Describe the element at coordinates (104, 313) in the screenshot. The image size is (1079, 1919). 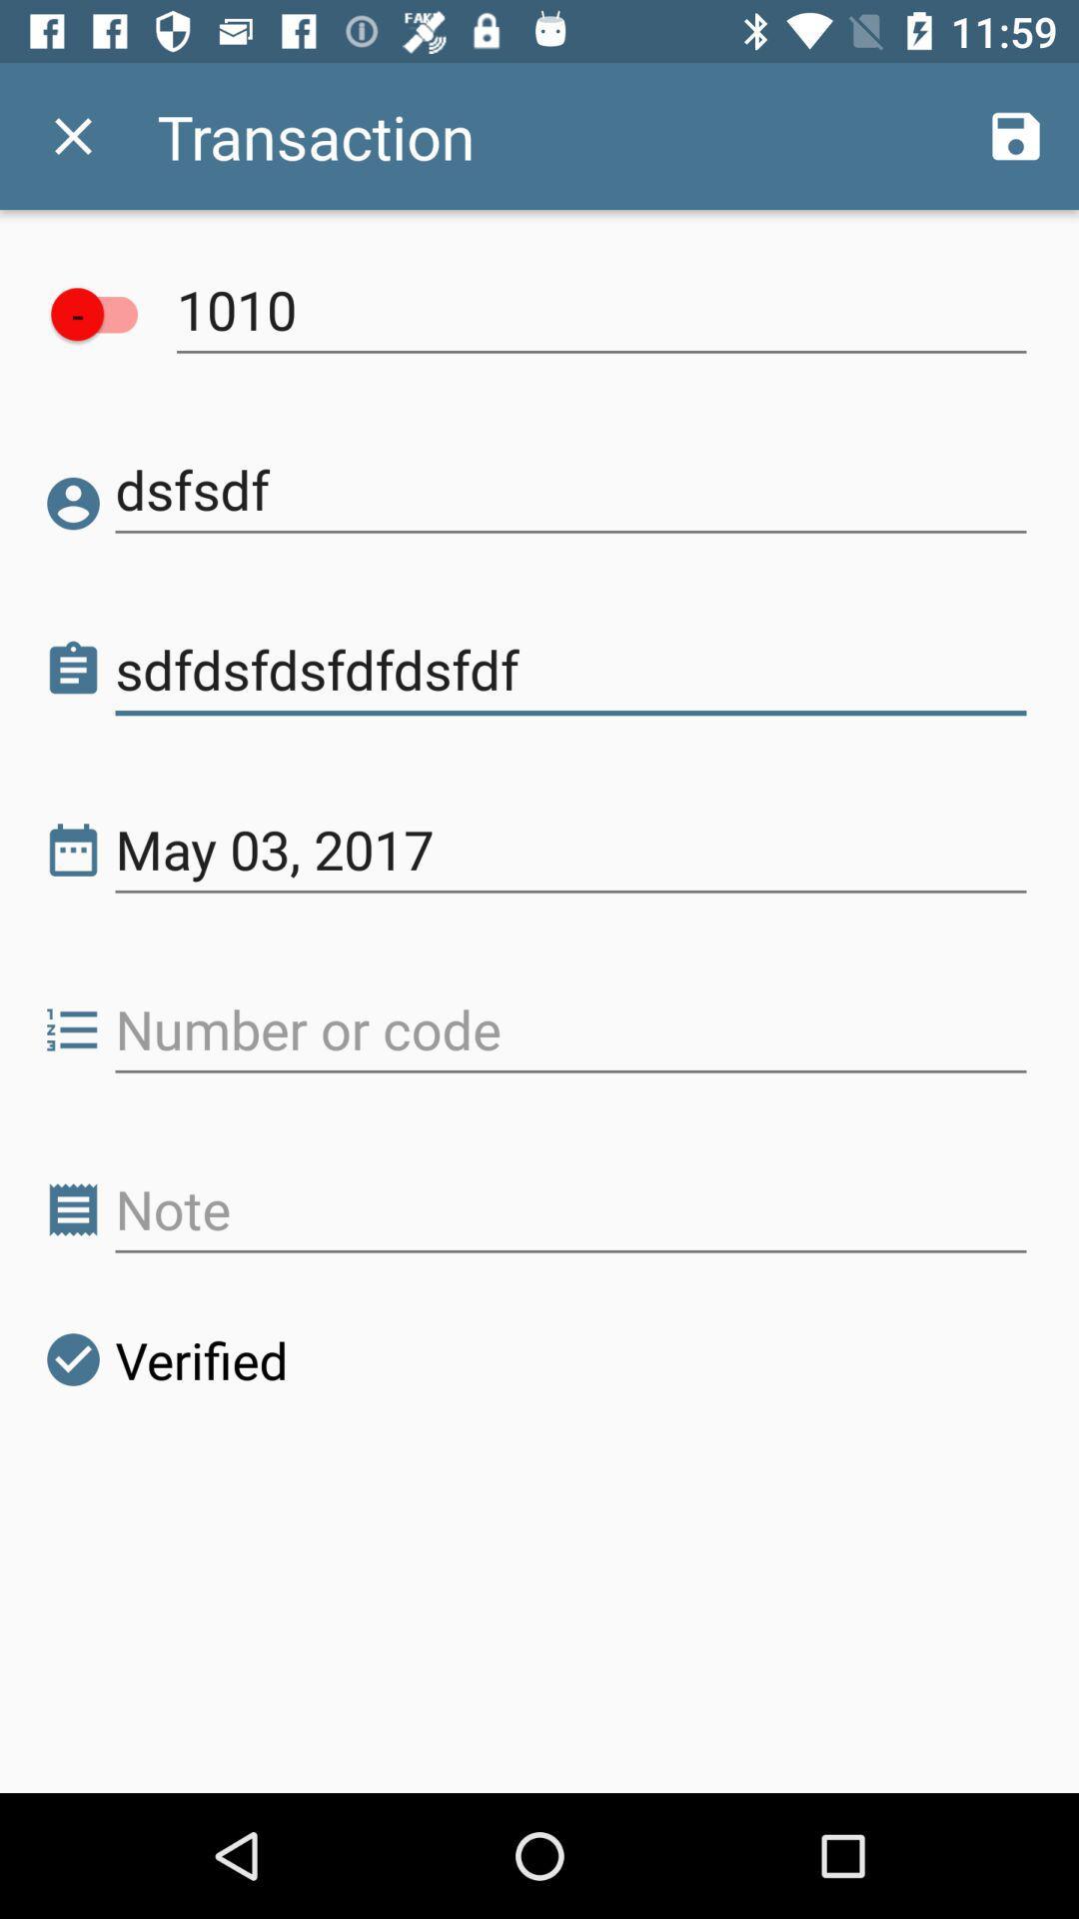
I see `item above dsfsdf icon` at that location.